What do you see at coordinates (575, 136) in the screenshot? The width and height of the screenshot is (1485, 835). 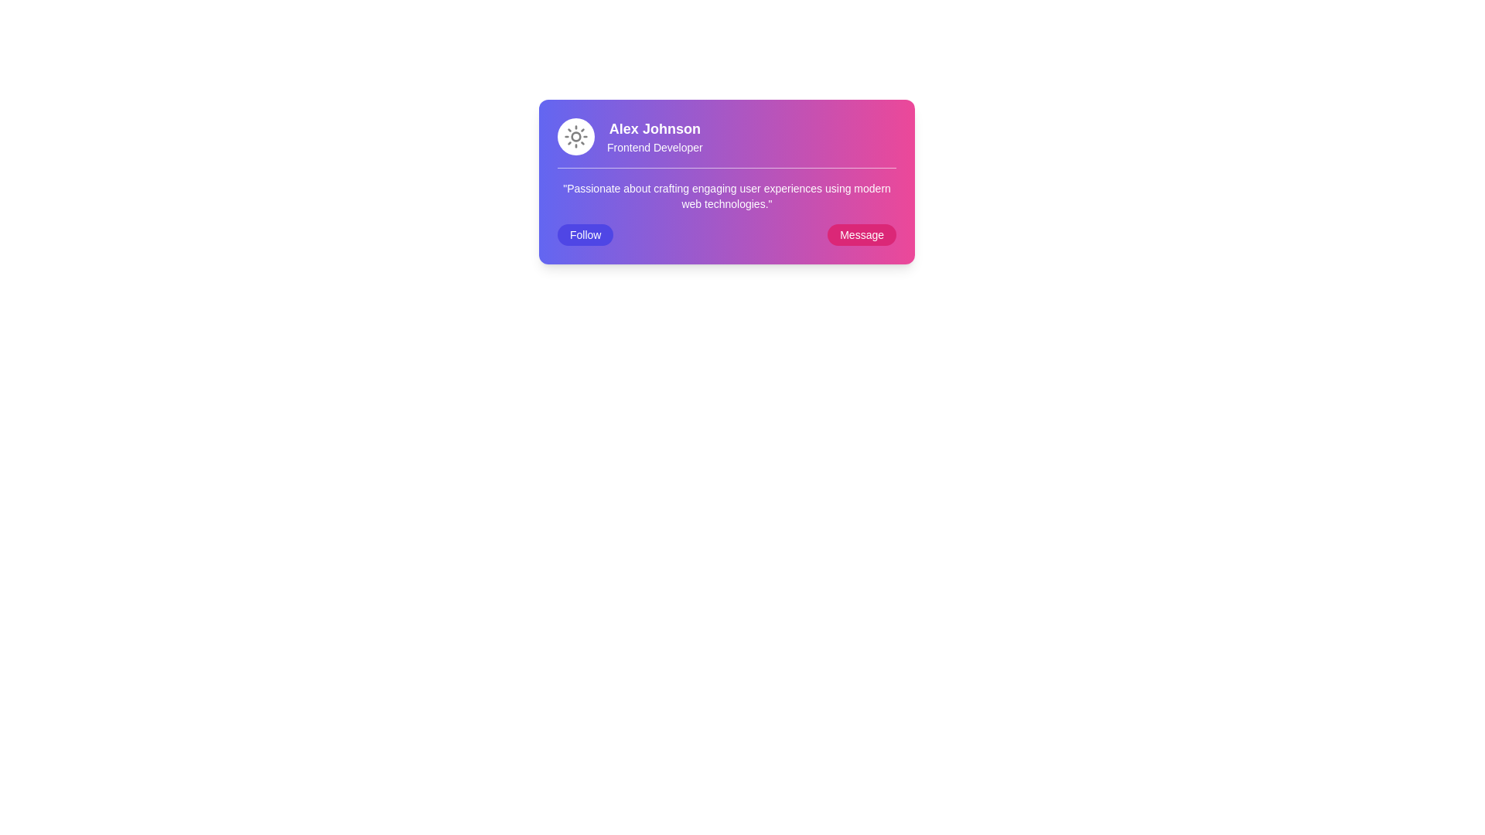 I see `the central circular component of the SVG icon labeled as 'sun'` at bounding box center [575, 136].